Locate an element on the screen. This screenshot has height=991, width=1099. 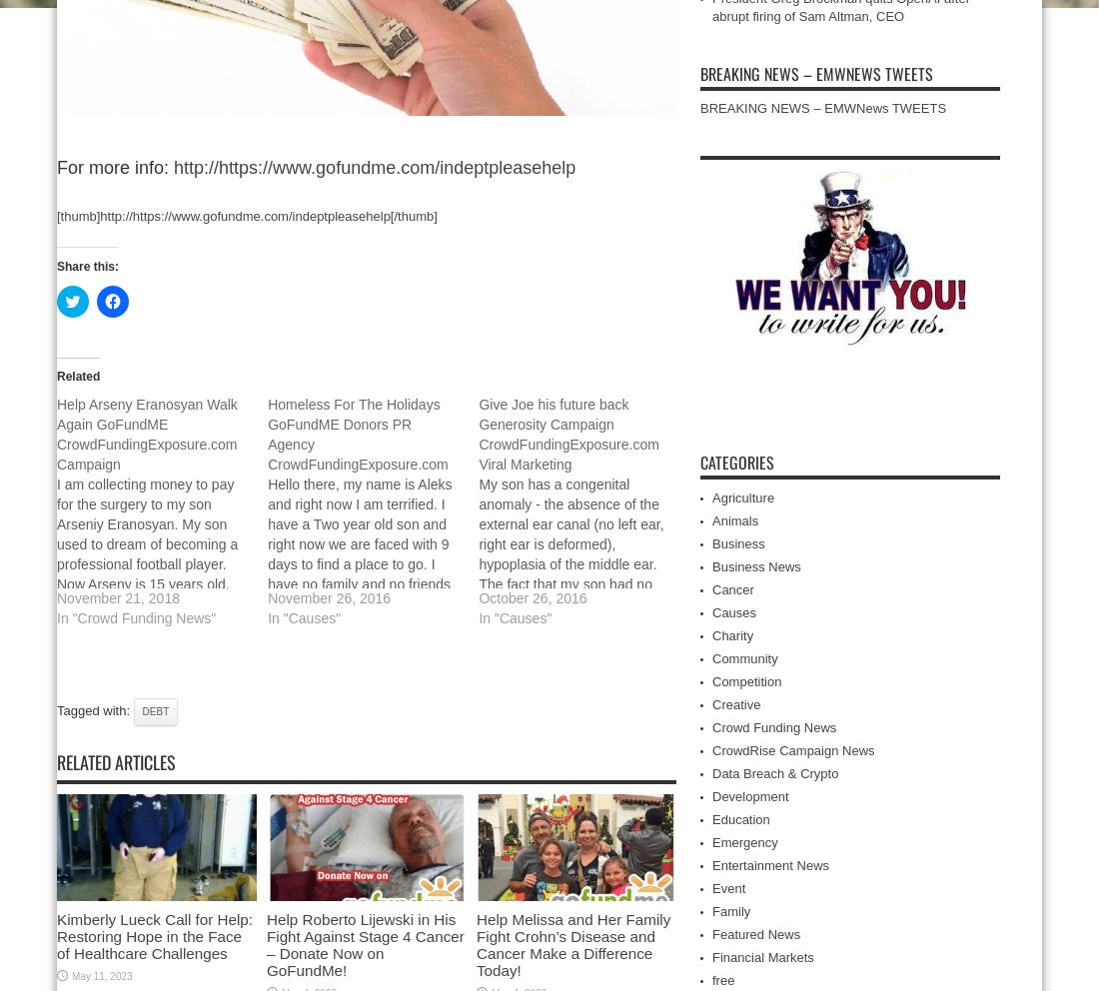
'Cancer' is located at coordinates (731, 588).